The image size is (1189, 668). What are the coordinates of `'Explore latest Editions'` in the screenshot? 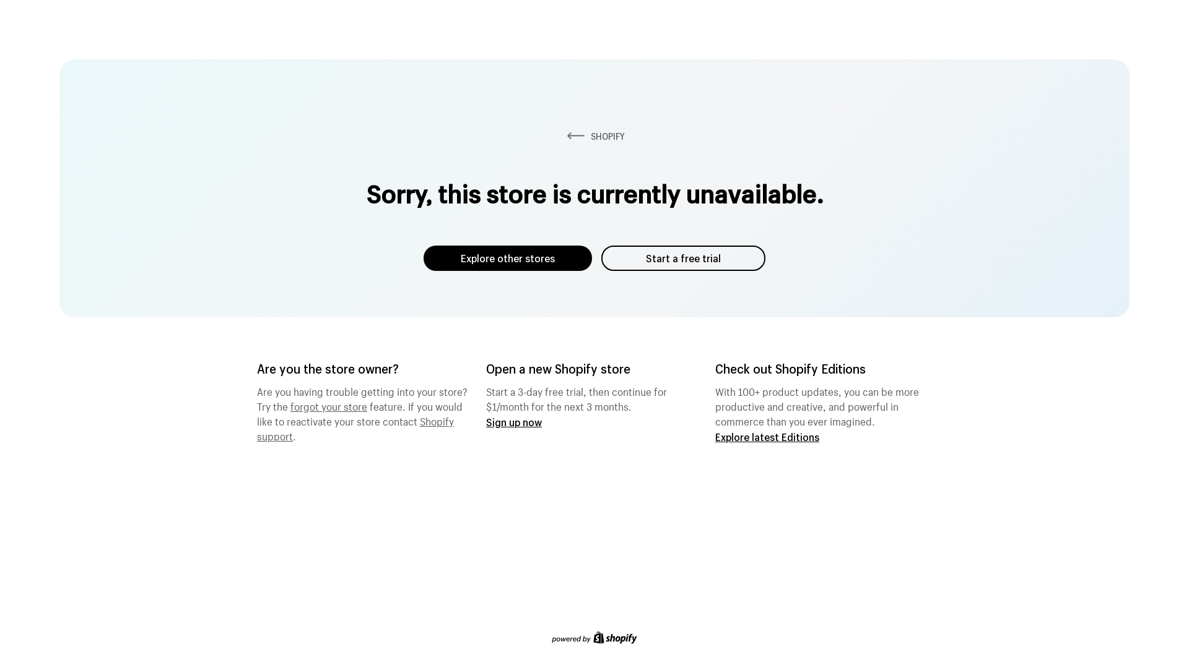 It's located at (766, 436).